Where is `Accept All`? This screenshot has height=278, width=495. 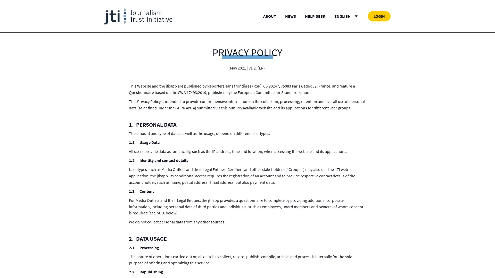 Accept All is located at coordinates (298, 168).